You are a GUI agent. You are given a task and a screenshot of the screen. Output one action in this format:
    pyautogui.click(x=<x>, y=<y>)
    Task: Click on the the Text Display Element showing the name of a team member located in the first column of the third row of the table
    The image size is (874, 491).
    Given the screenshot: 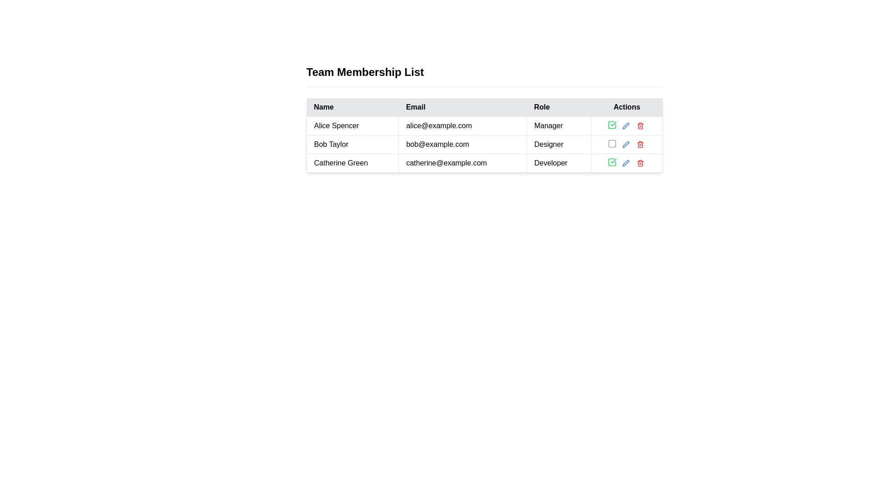 What is the action you would take?
    pyautogui.click(x=352, y=162)
    